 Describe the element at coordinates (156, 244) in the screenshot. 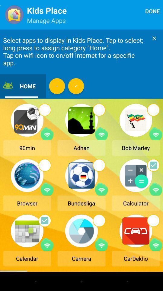

I see `wifi icon on/off` at that location.